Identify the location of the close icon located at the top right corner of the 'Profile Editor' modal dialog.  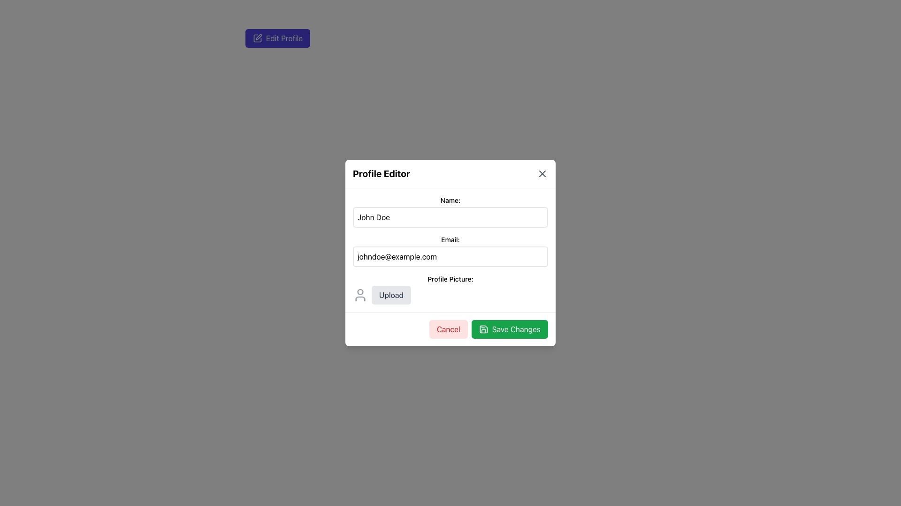
(542, 173).